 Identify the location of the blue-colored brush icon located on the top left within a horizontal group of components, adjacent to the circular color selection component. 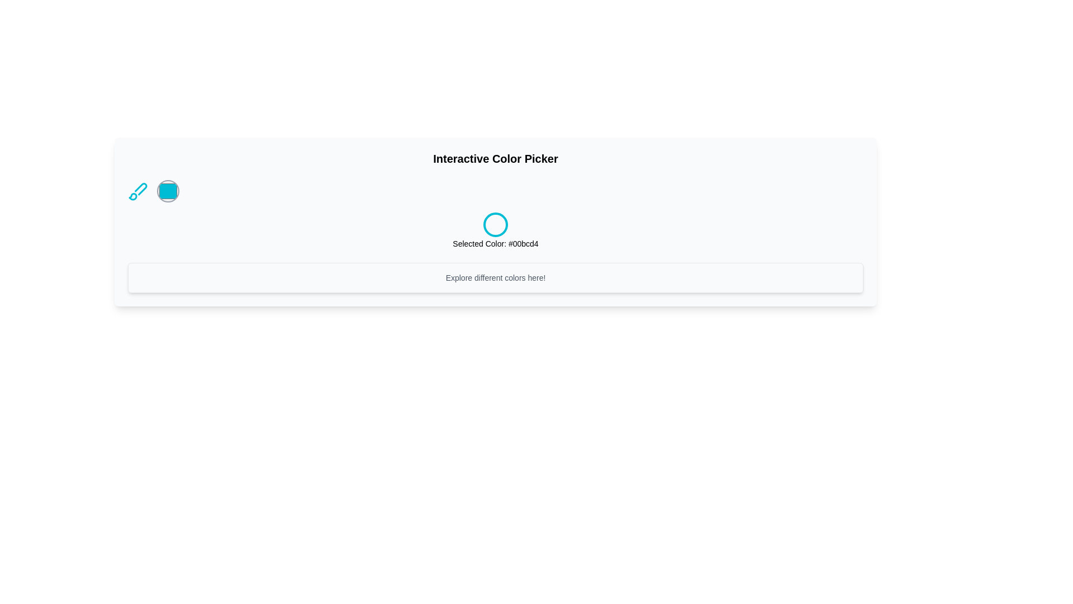
(137, 191).